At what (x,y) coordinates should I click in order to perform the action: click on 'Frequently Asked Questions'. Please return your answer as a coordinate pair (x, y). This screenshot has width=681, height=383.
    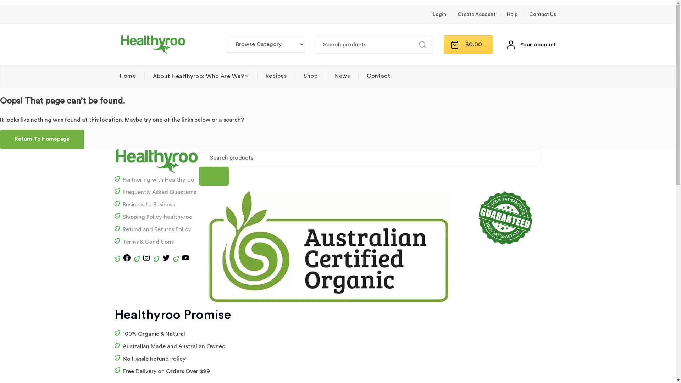
    Looking at the image, I should click on (122, 192).